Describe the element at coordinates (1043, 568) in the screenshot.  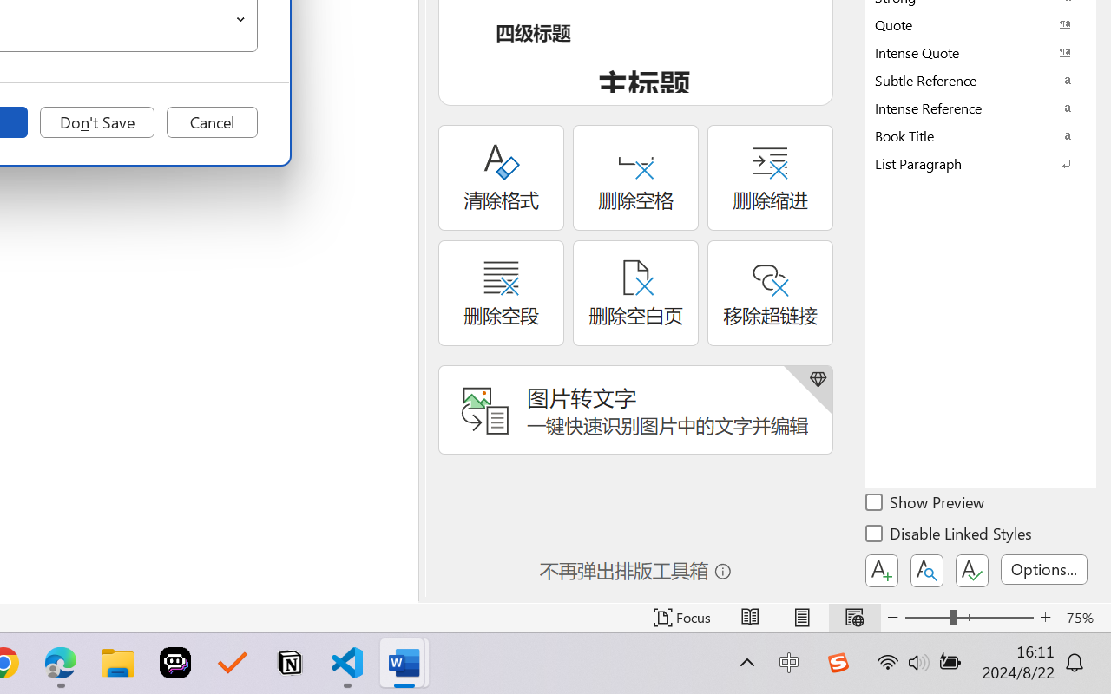
I see `'Options...'` at that location.